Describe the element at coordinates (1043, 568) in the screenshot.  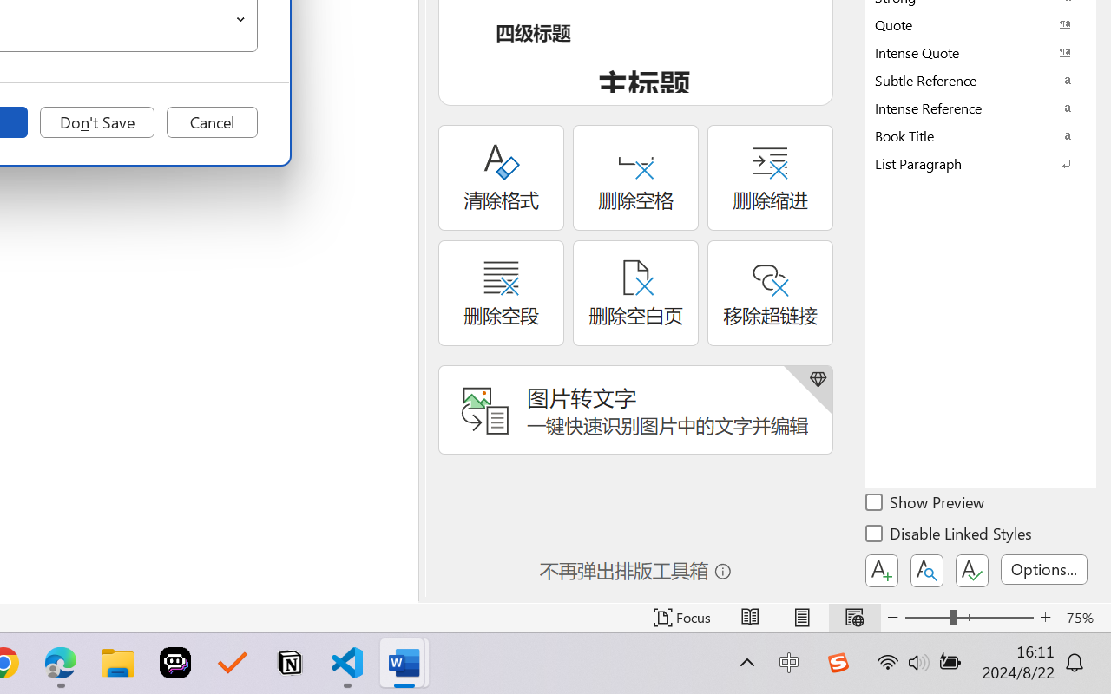
I see `'Options...'` at that location.